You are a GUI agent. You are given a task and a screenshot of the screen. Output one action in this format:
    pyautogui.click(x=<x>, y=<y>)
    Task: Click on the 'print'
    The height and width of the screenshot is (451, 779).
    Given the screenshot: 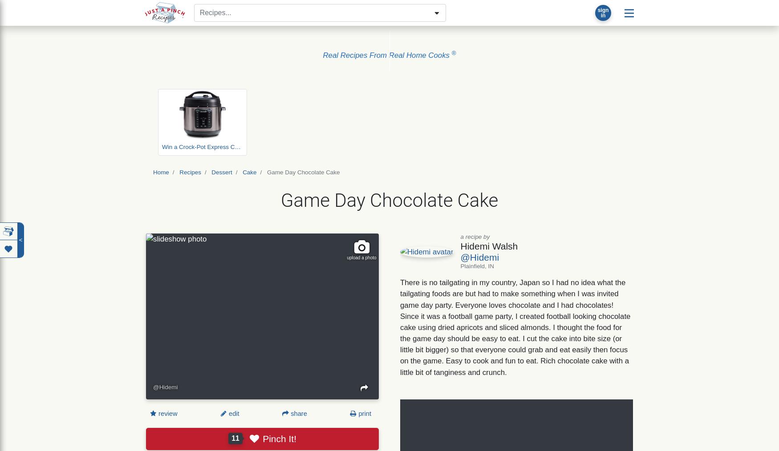 What is the action you would take?
    pyautogui.click(x=356, y=413)
    